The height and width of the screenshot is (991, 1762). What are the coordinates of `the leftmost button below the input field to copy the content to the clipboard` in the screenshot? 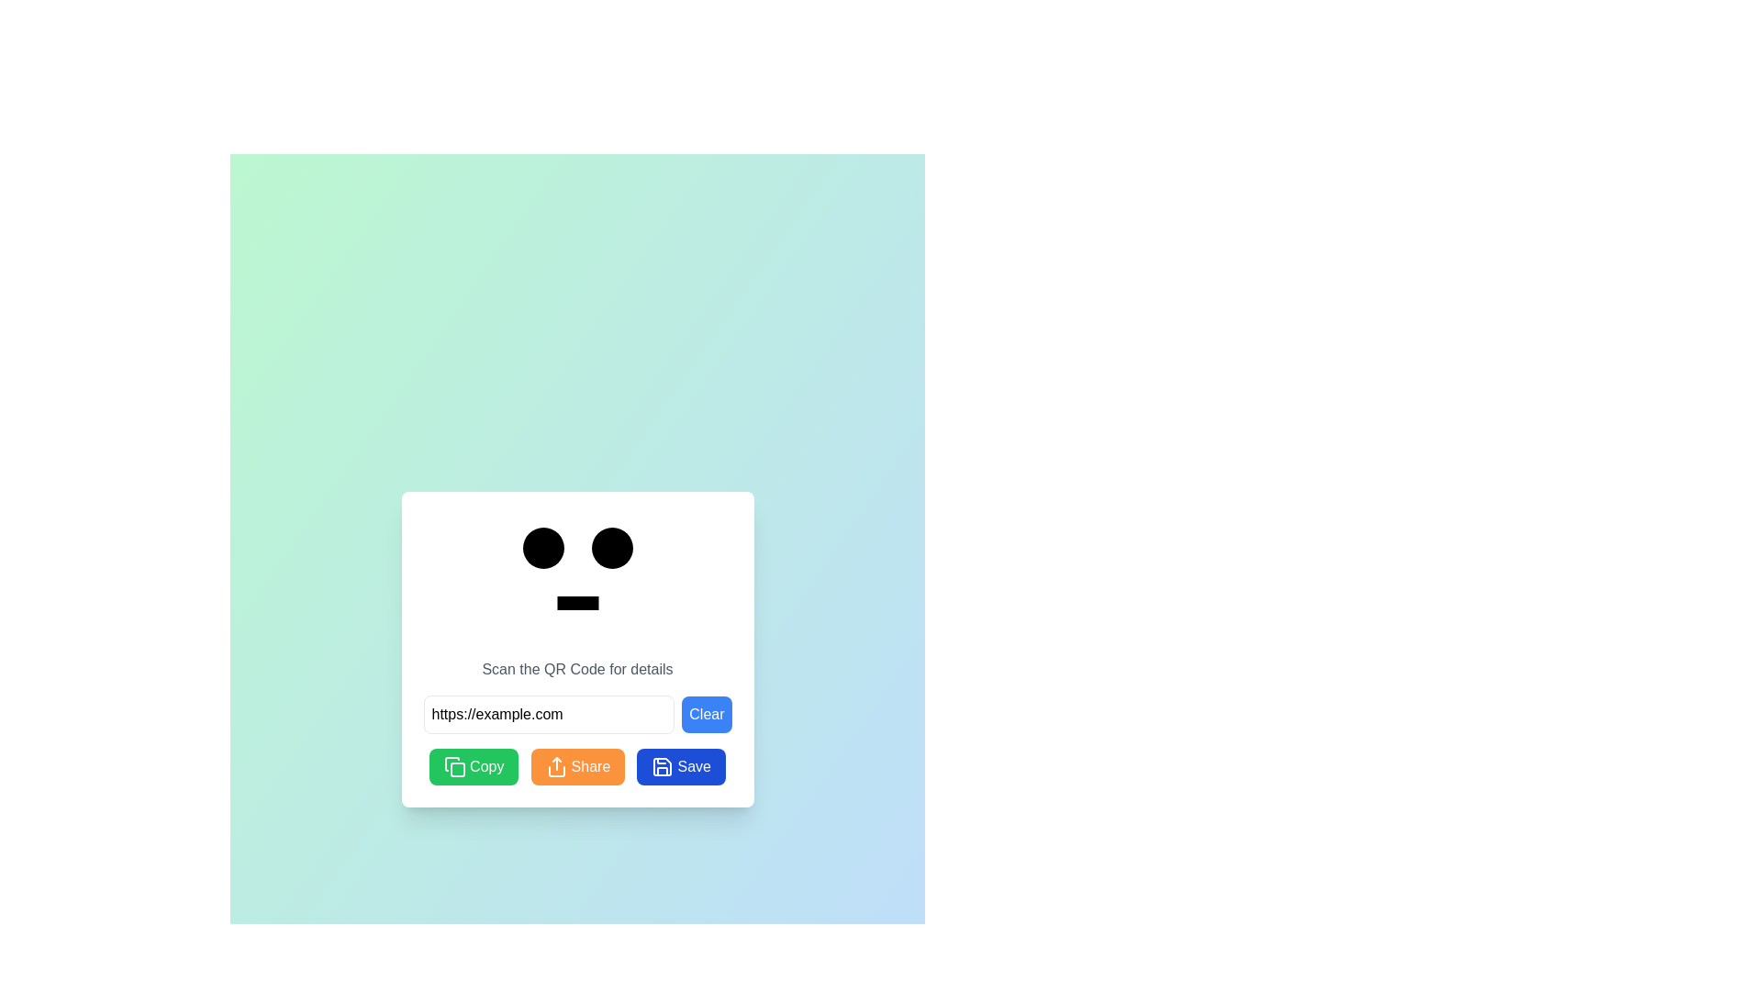 It's located at (474, 767).